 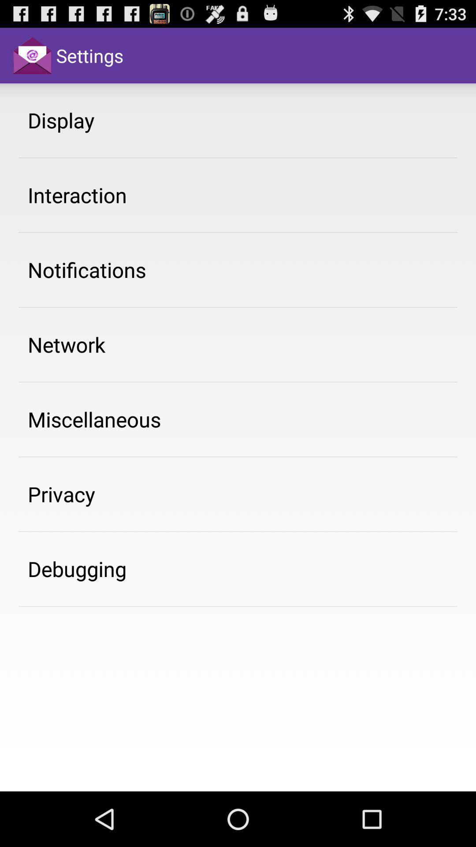 What do you see at coordinates (60, 120) in the screenshot?
I see `display app` at bounding box center [60, 120].